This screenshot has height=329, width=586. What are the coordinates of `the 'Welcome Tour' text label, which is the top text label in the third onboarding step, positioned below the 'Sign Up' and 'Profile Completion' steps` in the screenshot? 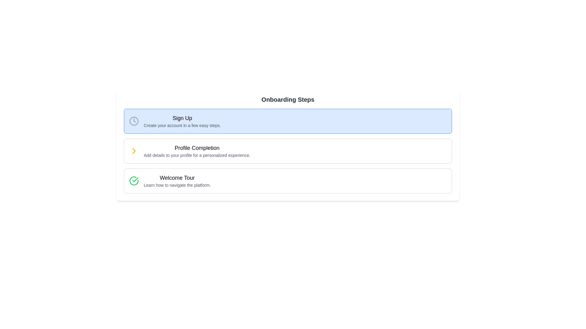 It's located at (177, 178).